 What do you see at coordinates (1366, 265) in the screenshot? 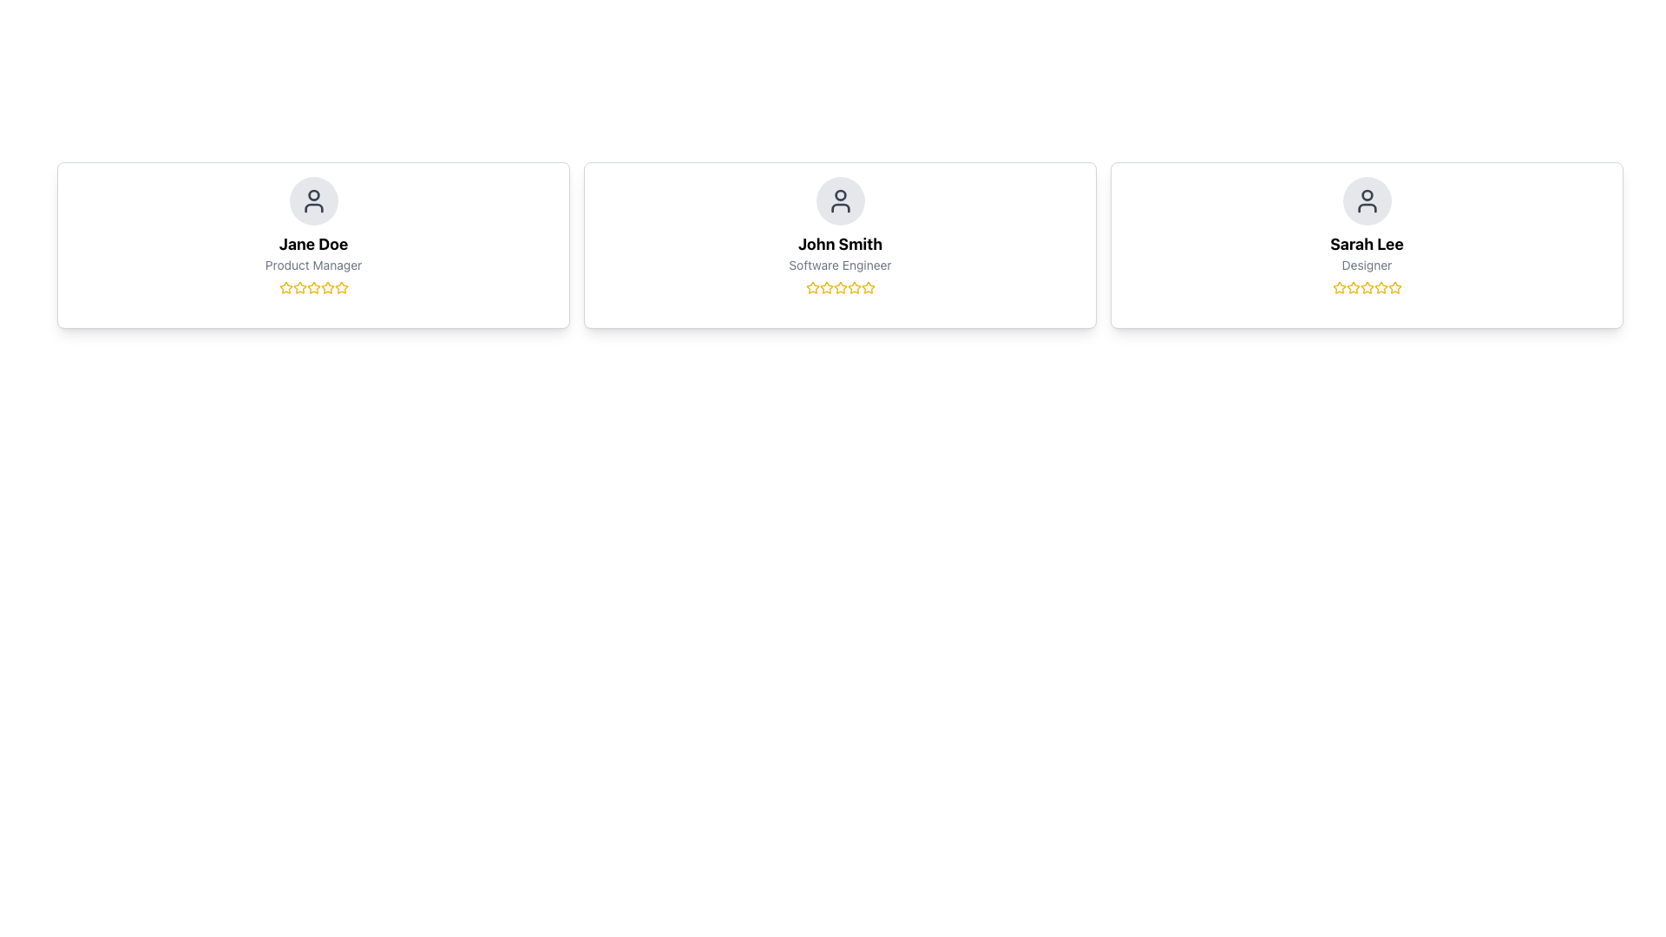
I see `the text label indicating the job title of the person in the third card from the left, located below the name 'Sarah Lee' and above the rating section` at bounding box center [1366, 265].